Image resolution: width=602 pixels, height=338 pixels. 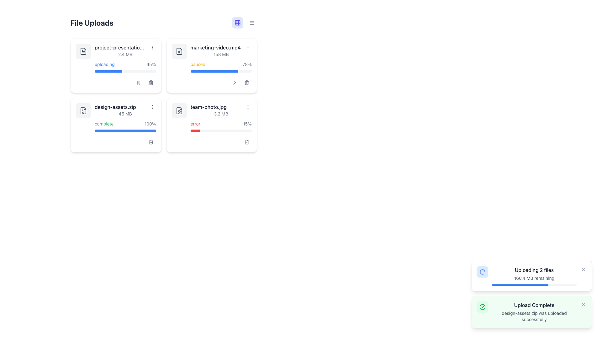 I want to click on the closures or additional options in the Notification Area located in the bottom right corner of the interface, which displays upload progress and confirmations, so click(x=531, y=294).